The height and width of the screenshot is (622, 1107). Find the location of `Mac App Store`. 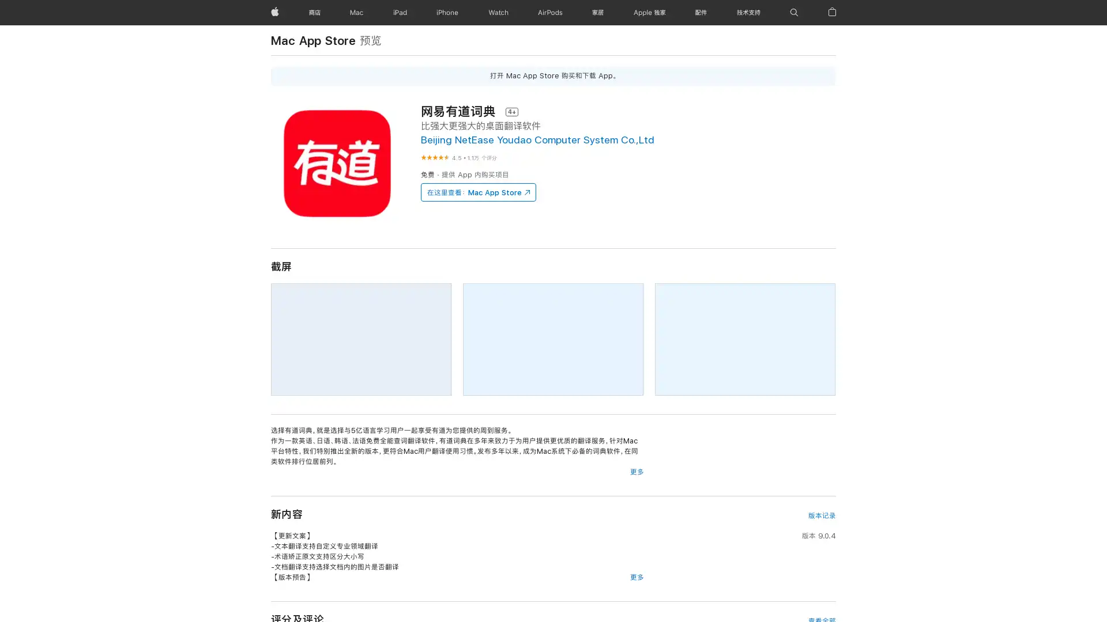

Mac App Store is located at coordinates (478, 192).